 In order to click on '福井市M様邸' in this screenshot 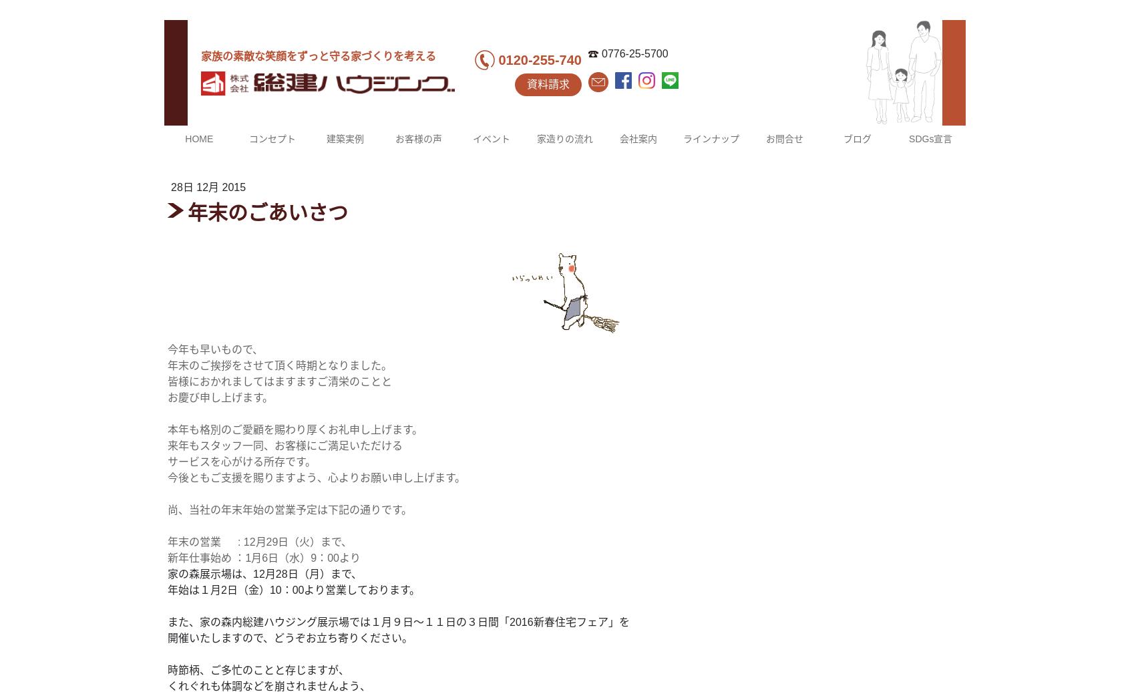, I will do `click(344, 267)`.